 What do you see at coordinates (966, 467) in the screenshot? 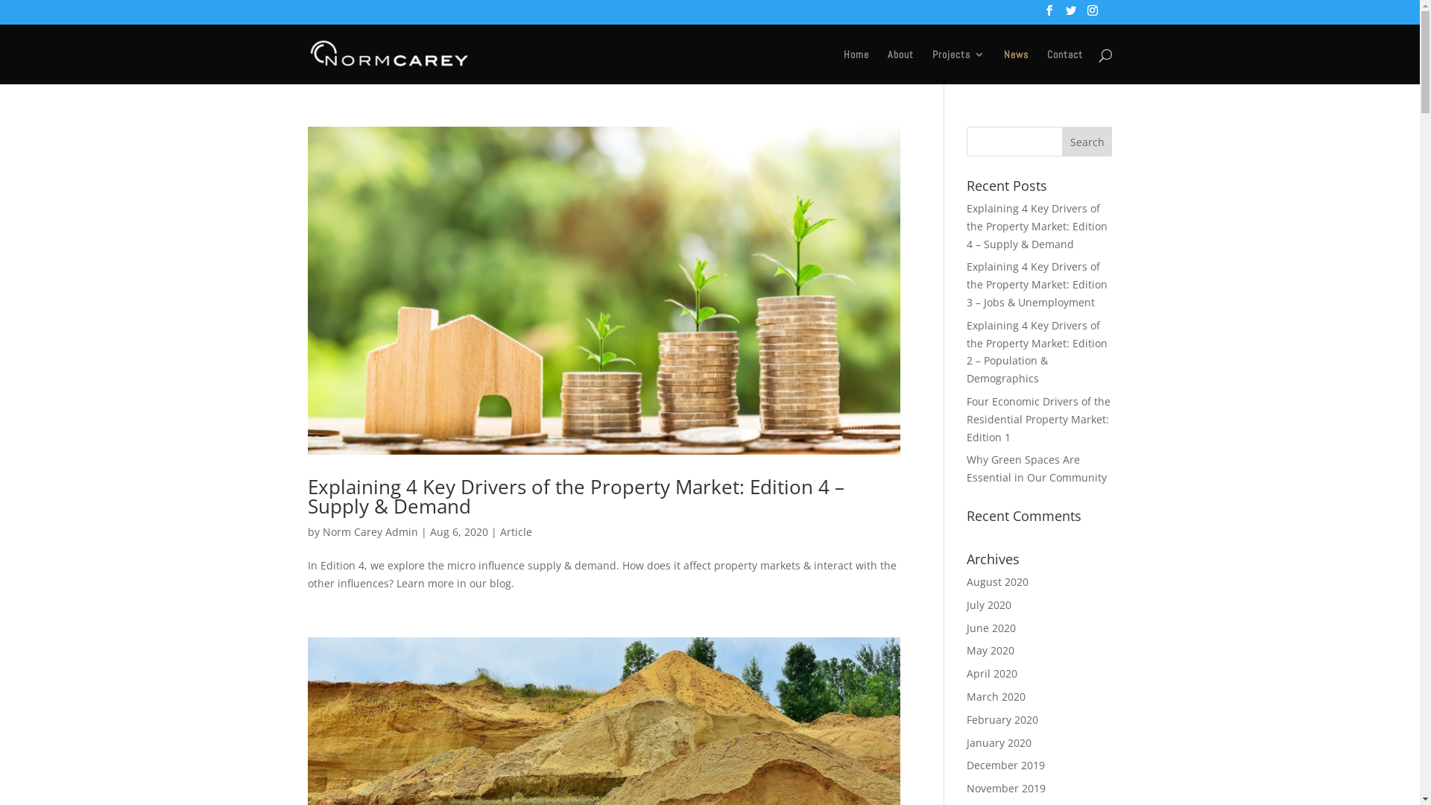
I see `'Why Green Spaces Are Essential in Our Community'` at bounding box center [966, 467].